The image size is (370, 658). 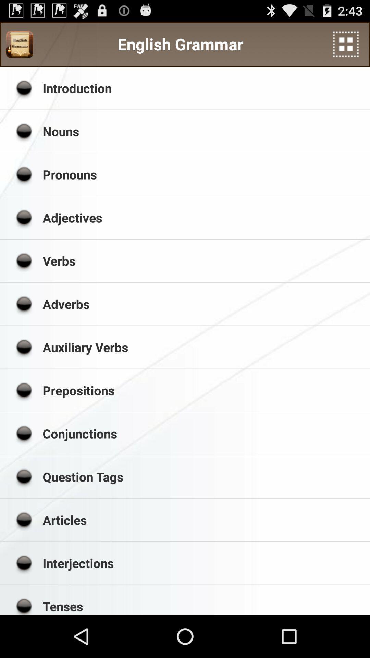 I want to click on auxiliary verbs icon, so click(x=203, y=347).